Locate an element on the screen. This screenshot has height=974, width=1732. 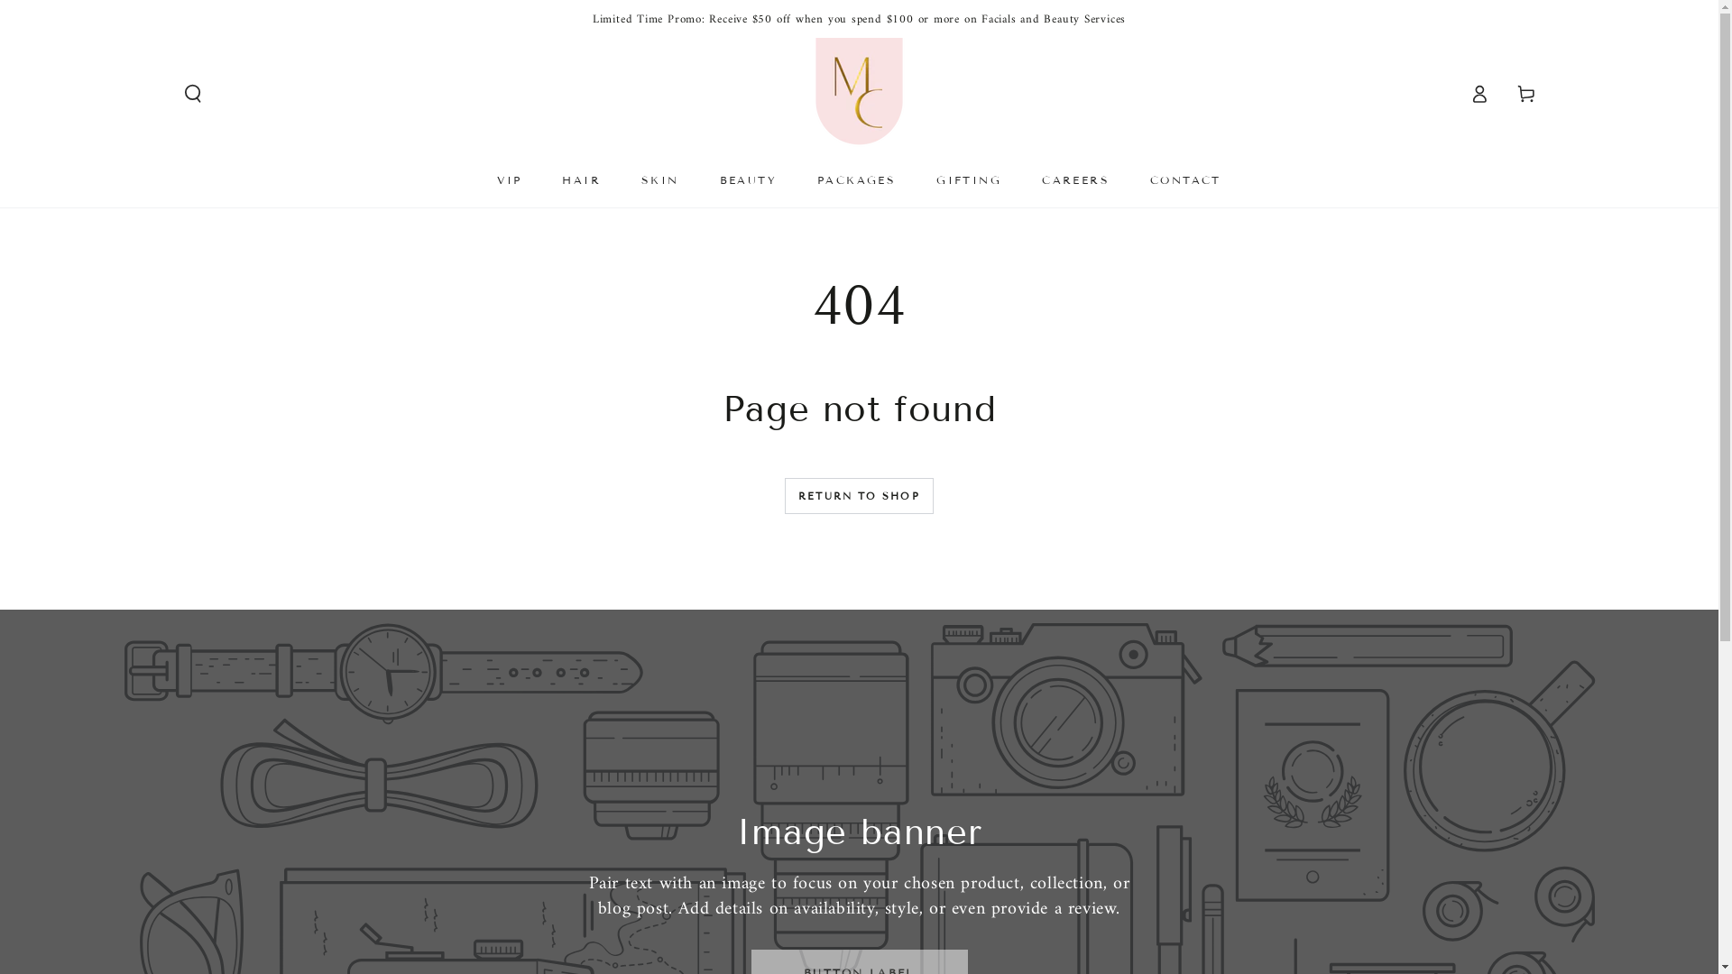
'Log in' is located at coordinates (1479, 94).